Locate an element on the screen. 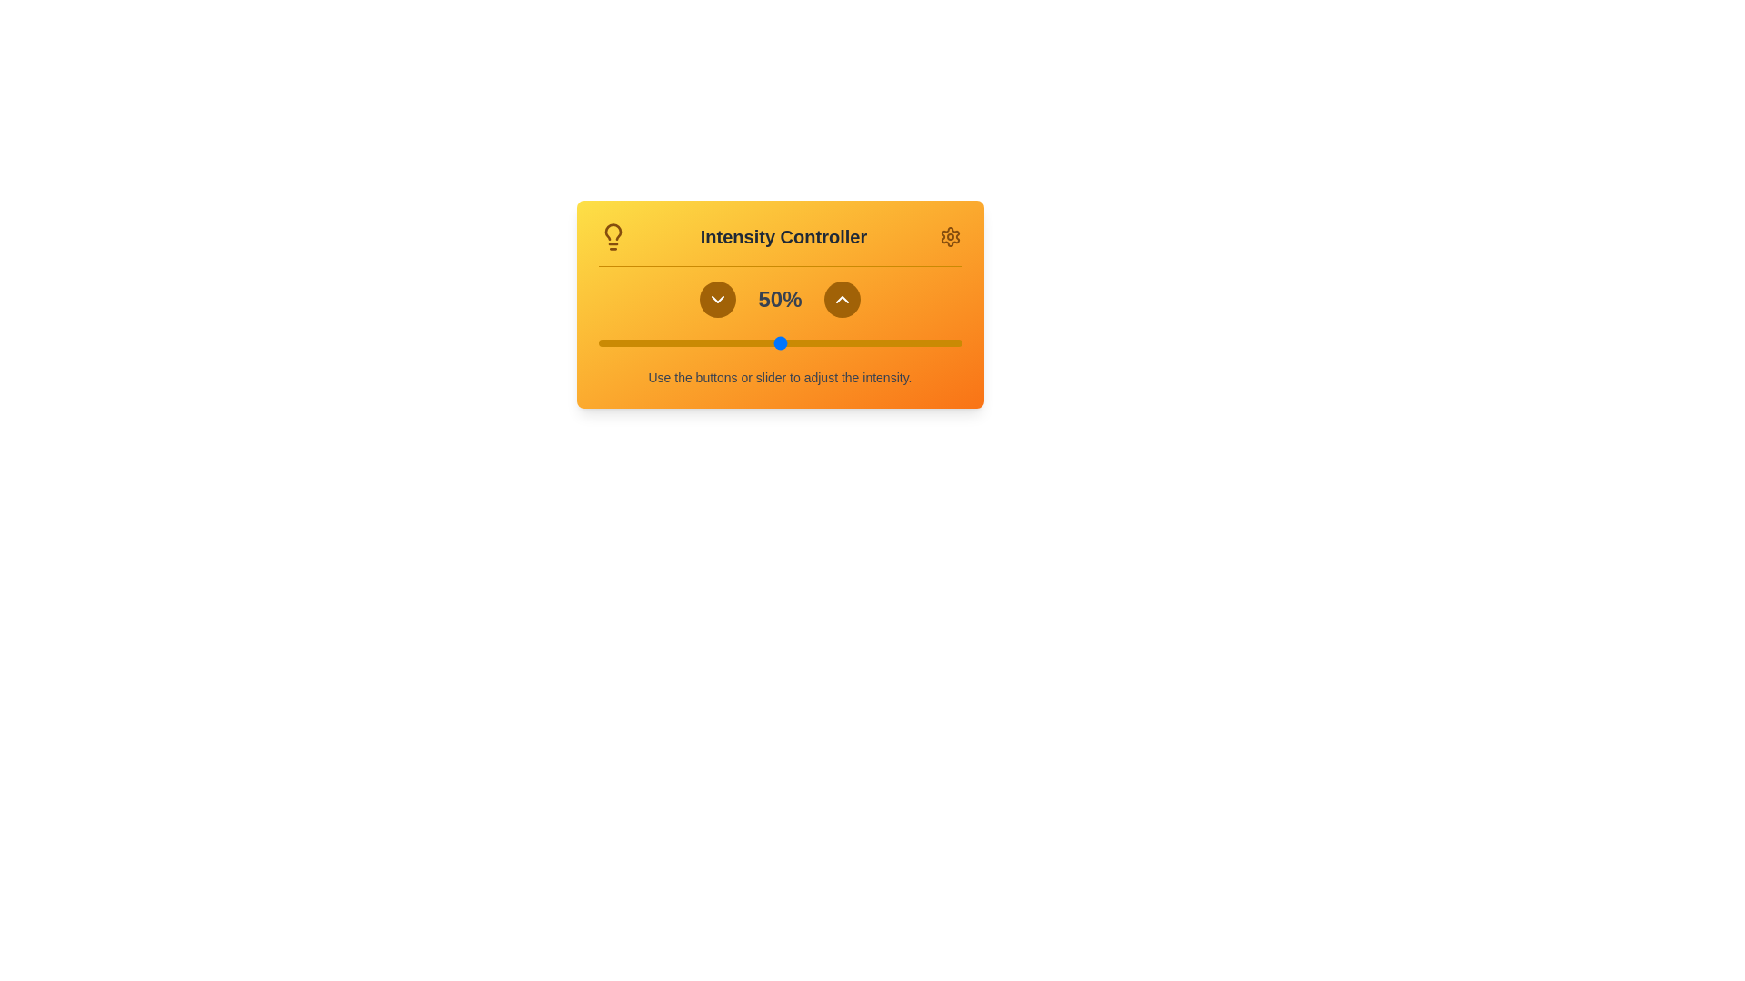 This screenshot has height=981, width=1745. intensity is located at coordinates (859, 343).